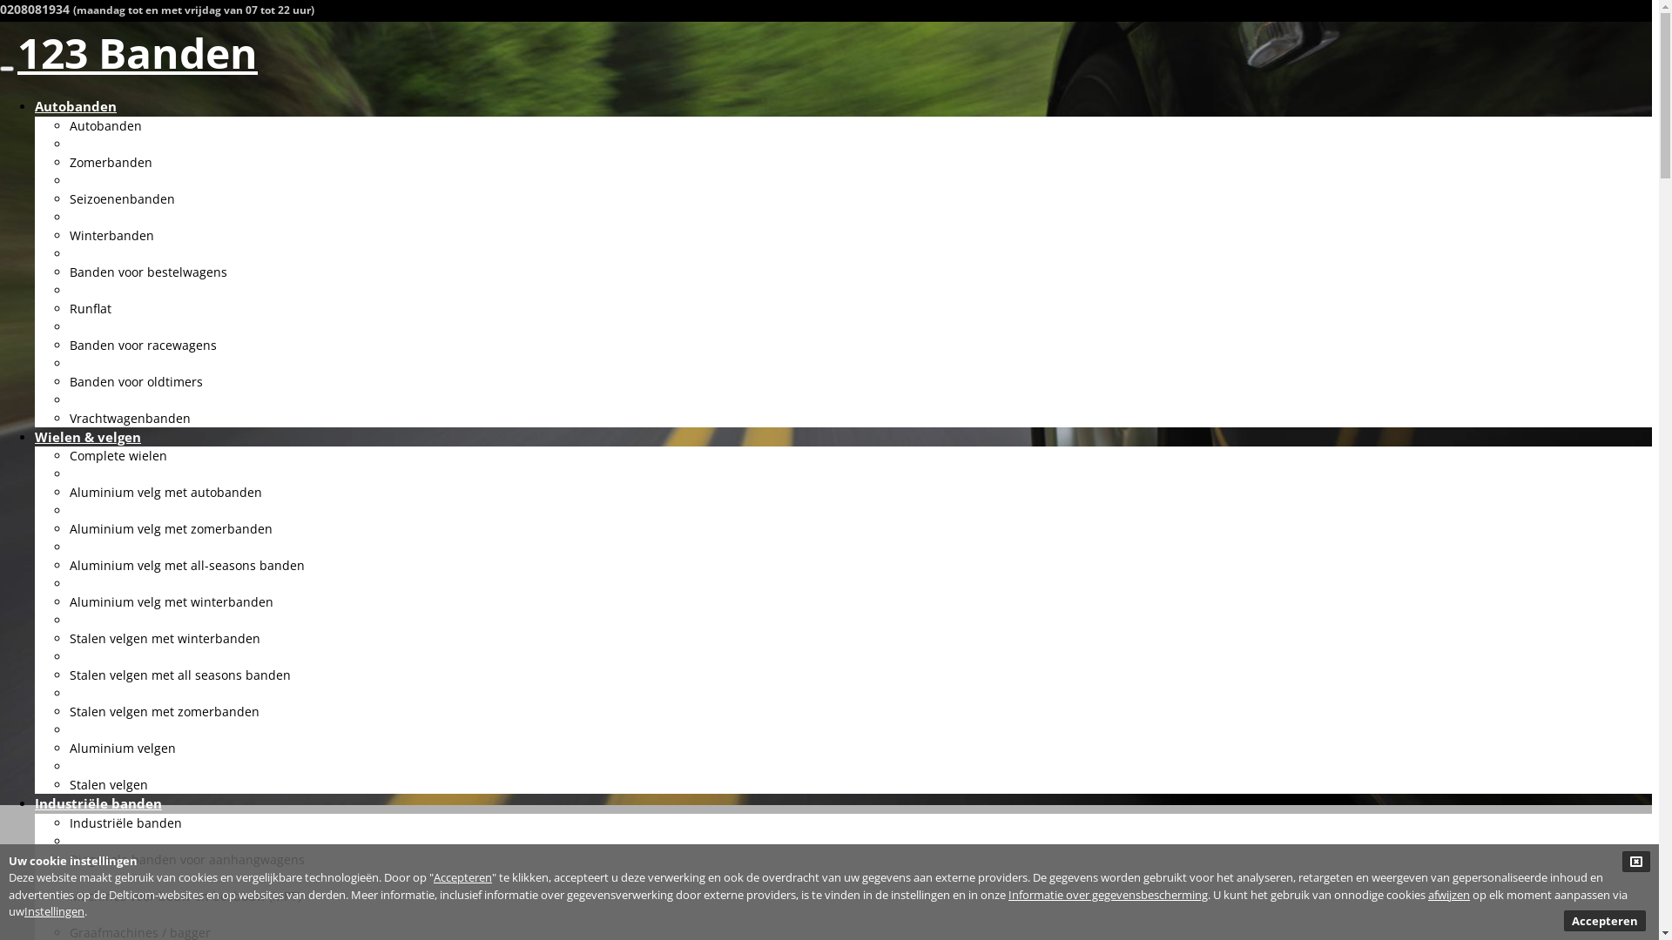  What do you see at coordinates (1107, 893) in the screenshot?
I see `'Informatie over gegevensbescherming'` at bounding box center [1107, 893].